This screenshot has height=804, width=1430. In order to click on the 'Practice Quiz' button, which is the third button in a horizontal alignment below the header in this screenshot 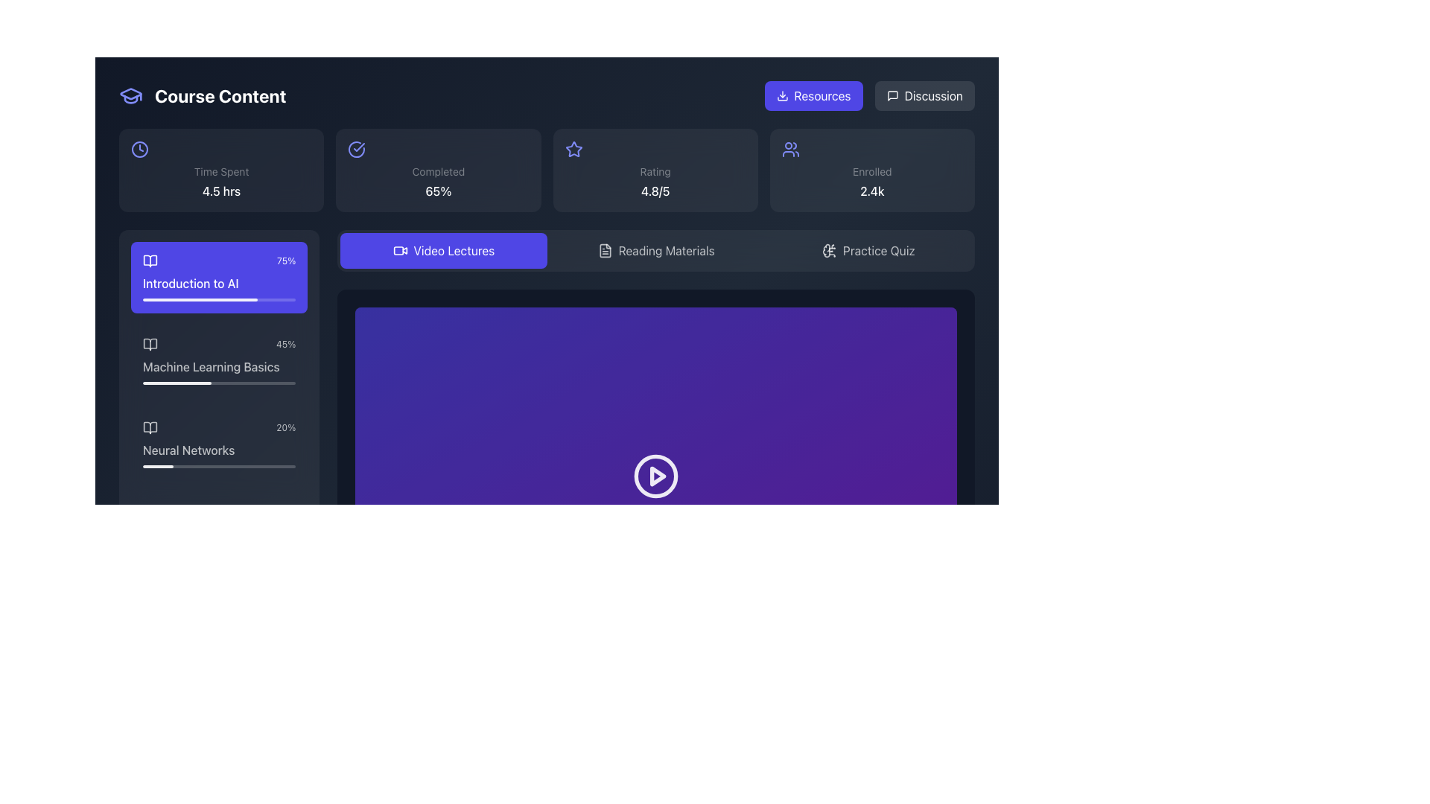, I will do `click(868, 249)`.